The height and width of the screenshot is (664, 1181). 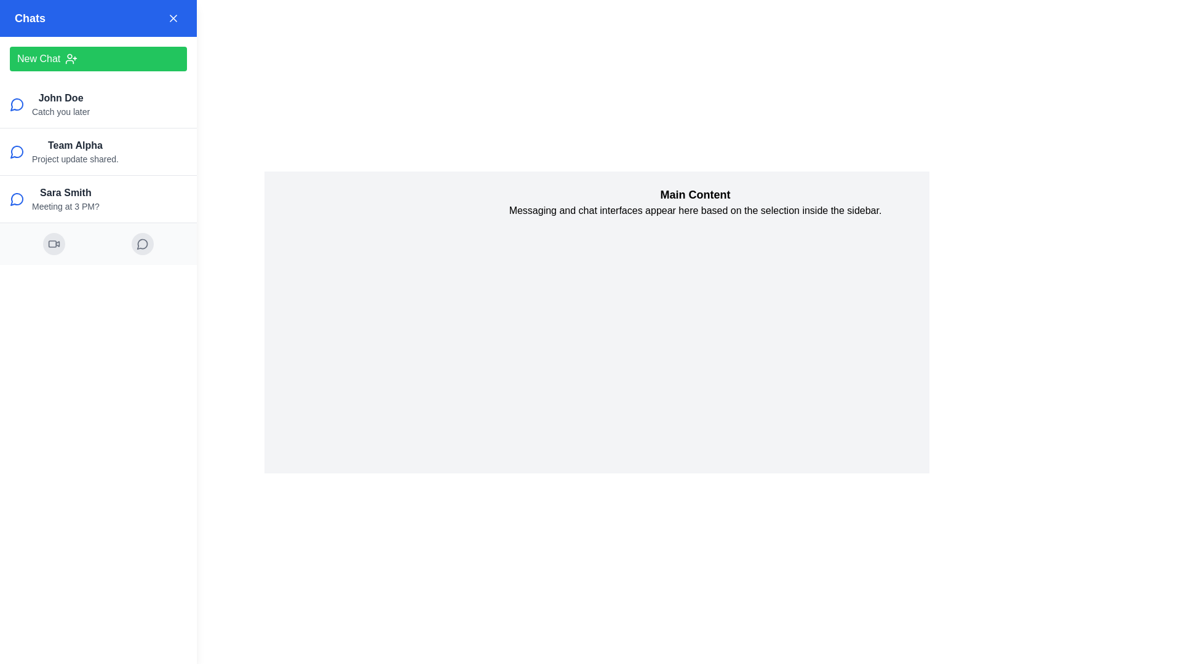 I want to click on the third list item in the sidebar containing the conversation preview for 'Sara Smith', so click(x=97, y=199).